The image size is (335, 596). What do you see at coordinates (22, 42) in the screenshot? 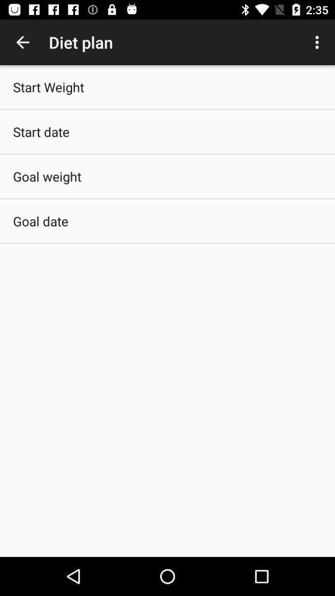
I see `item above start weight` at bounding box center [22, 42].